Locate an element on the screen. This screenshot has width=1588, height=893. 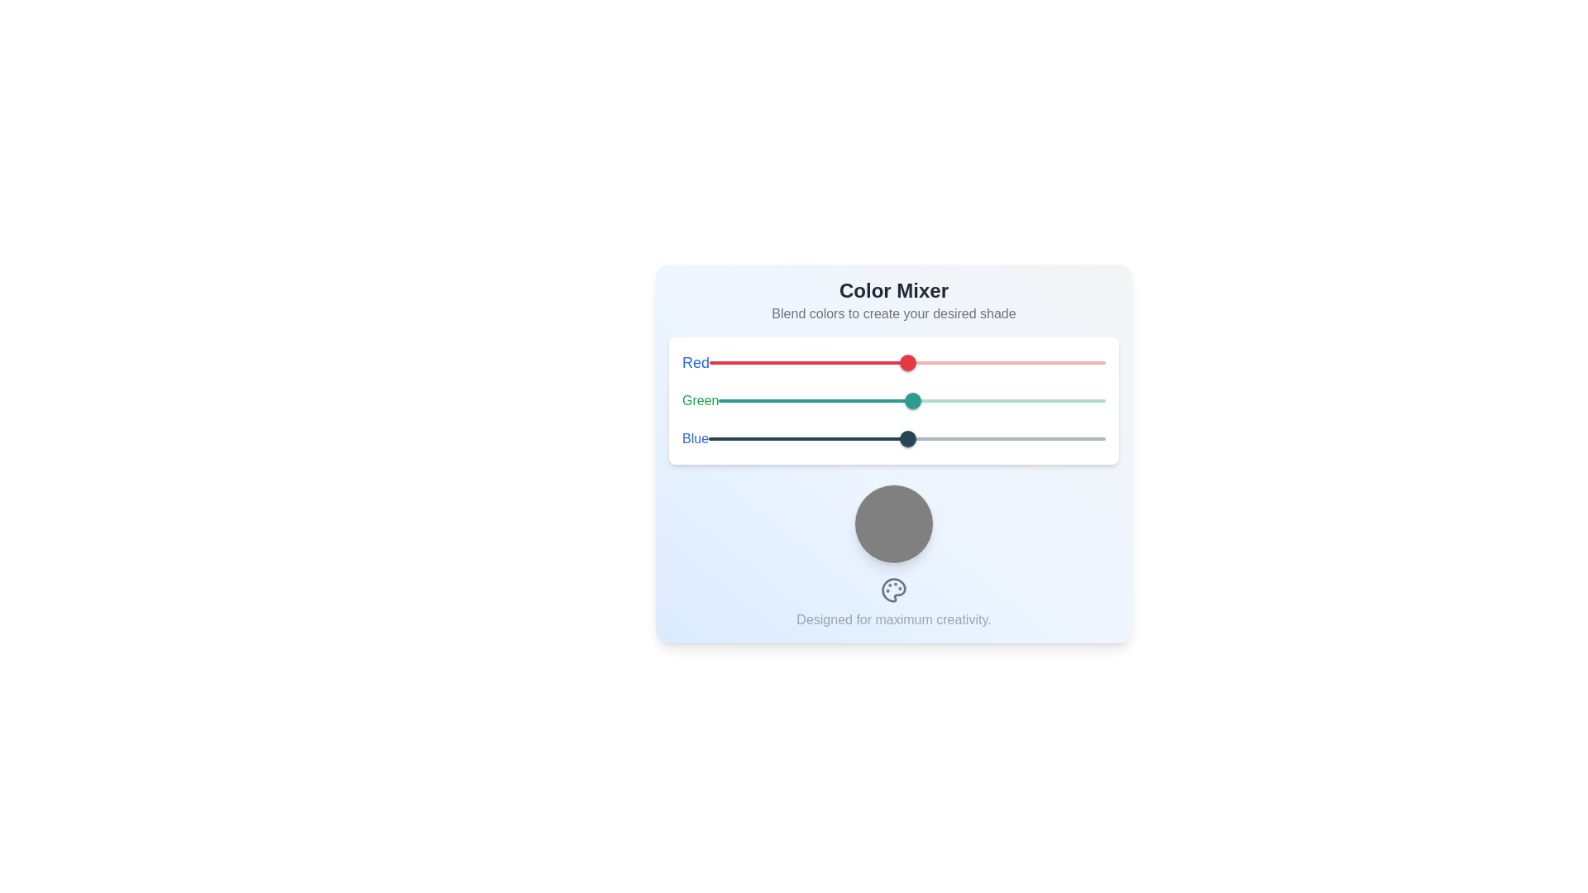
the red color intensity is located at coordinates (1028, 362).